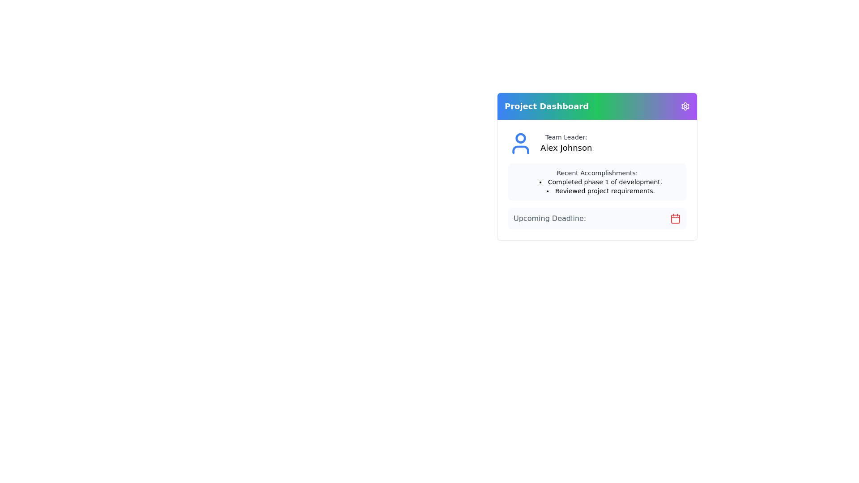  Describe the element at coordinates (597, 182) in the screenshot. I see `the Informational Section titled 'Recent Accomplishments:' which contains a bulleted list of achievements, located in the middle segment of the 'Project Dashboard' card` at that location.